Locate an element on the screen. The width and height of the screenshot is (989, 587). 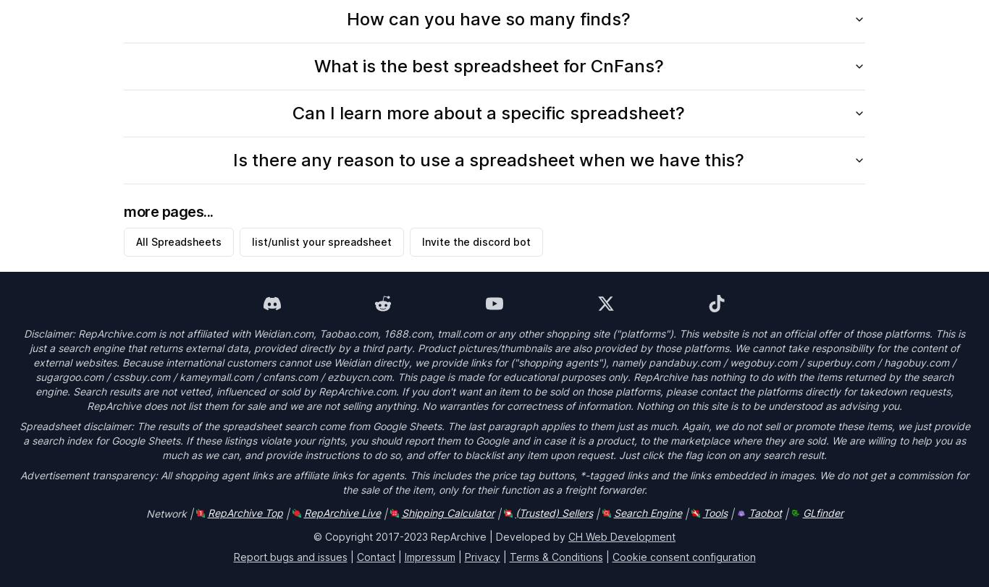
'Search Engine' is located at coordinates (647, 512).